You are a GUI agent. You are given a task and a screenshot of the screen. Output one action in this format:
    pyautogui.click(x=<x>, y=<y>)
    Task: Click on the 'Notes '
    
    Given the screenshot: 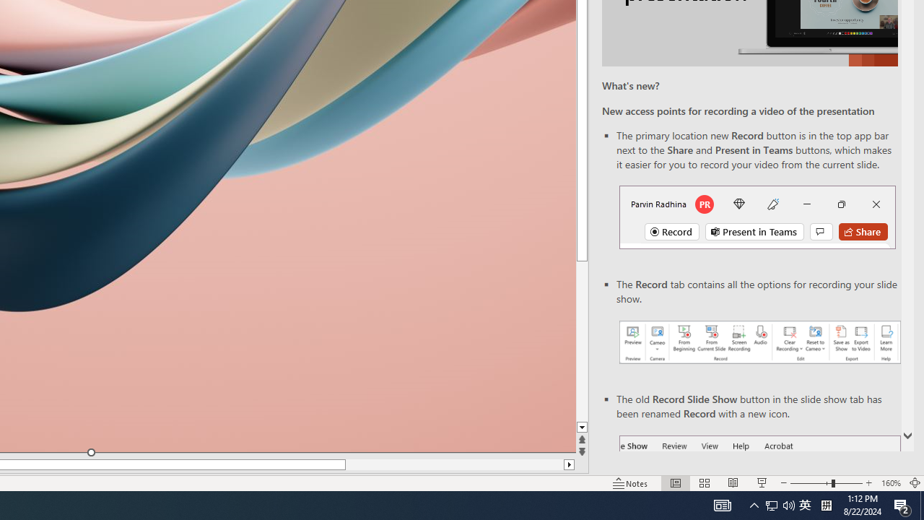 What is the action you would take?
    pyautogui.click(x=631, y=483)
    